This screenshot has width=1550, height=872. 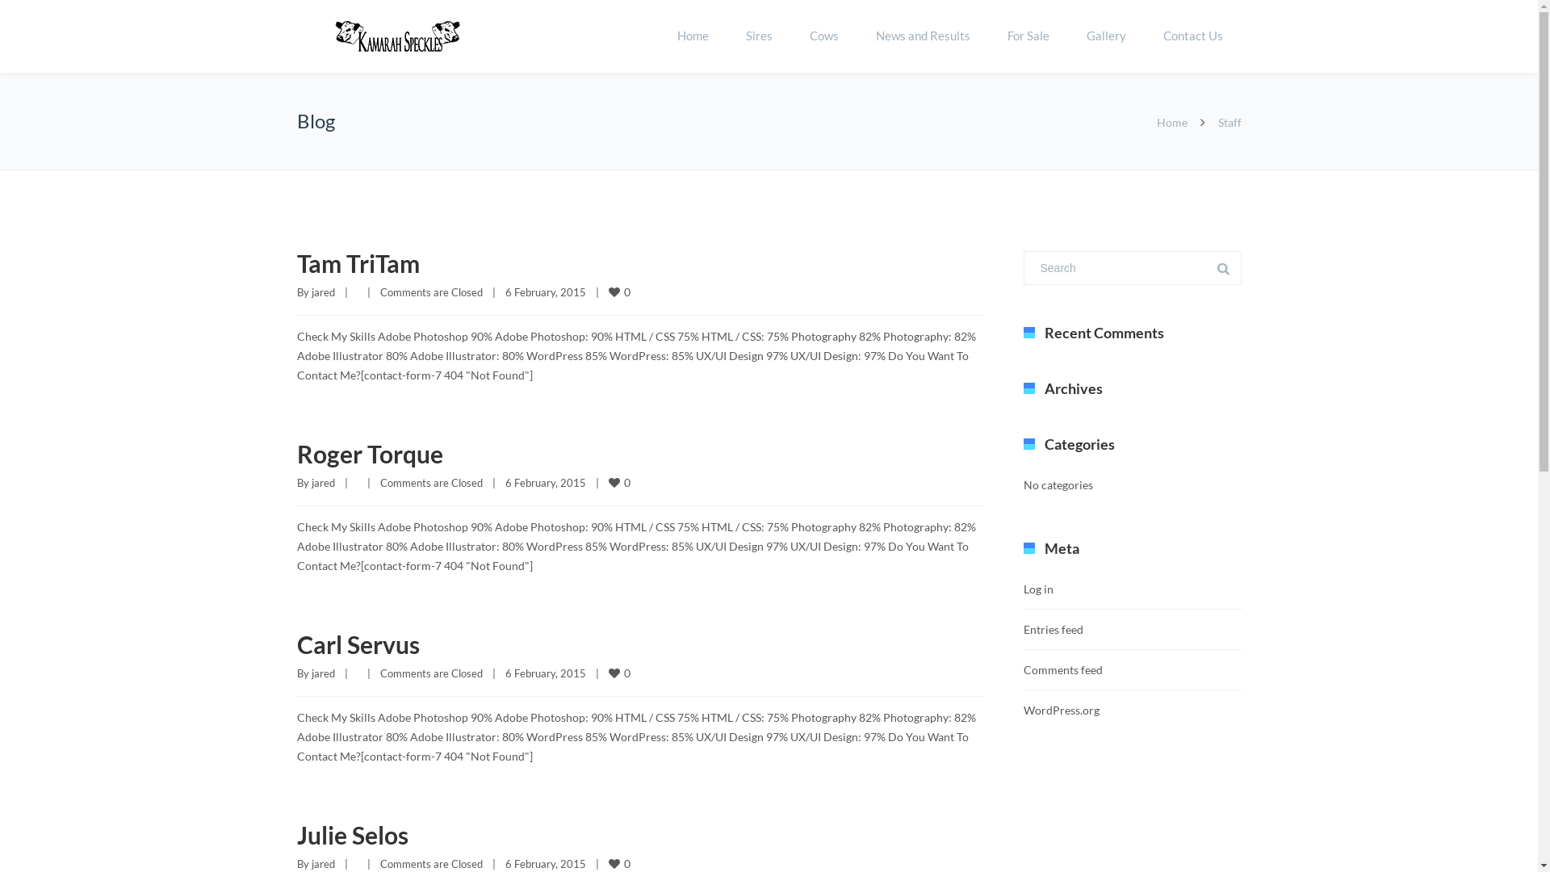 I want to click on 'Tam TriTam', so click(x=358, y=262).